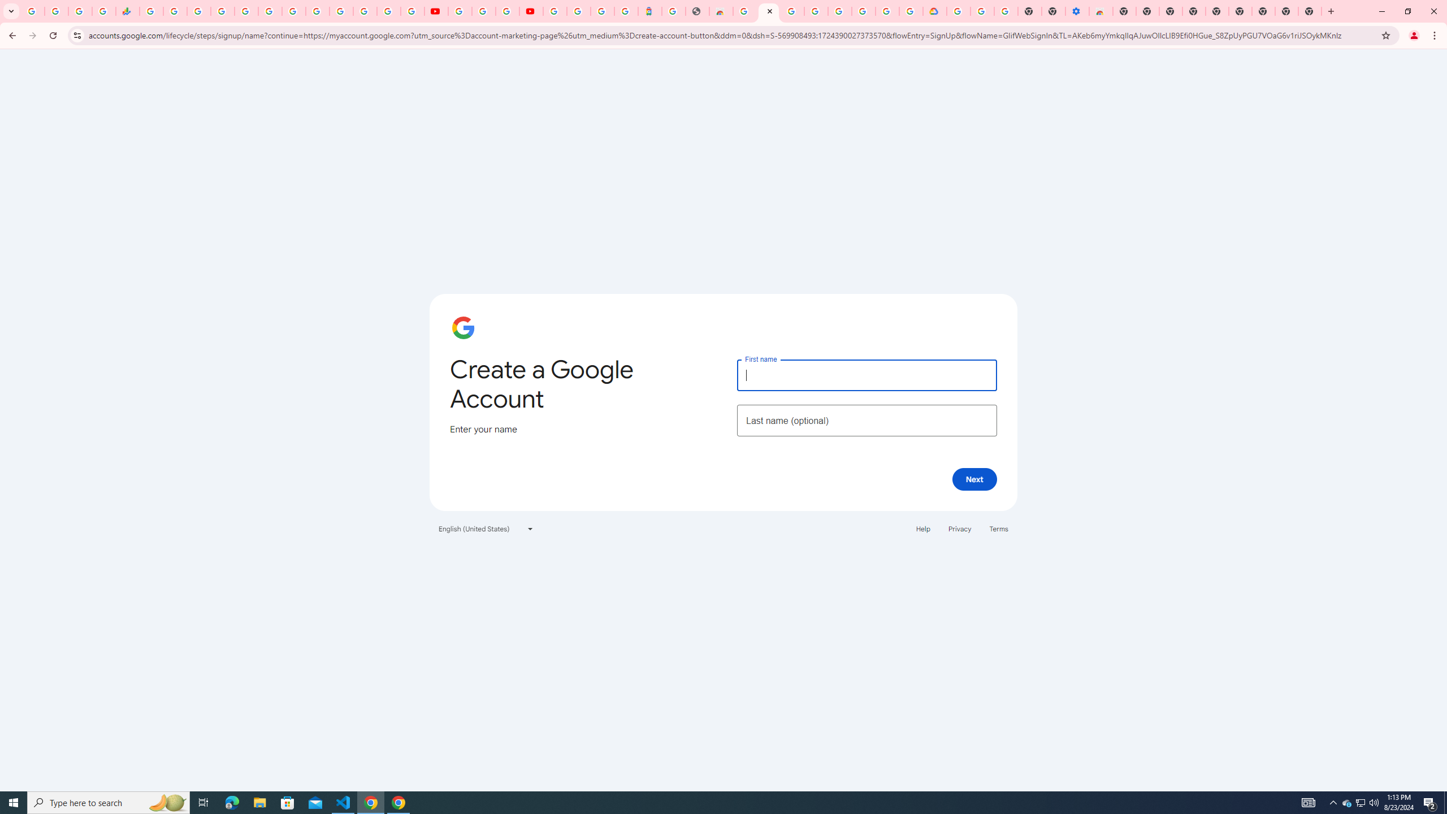 This screenshot has height=814, width=1447. What do you see at coordinates (486, 528) in the screenshot?
I see `'English (United States)'` at bounding box center [486, 528].